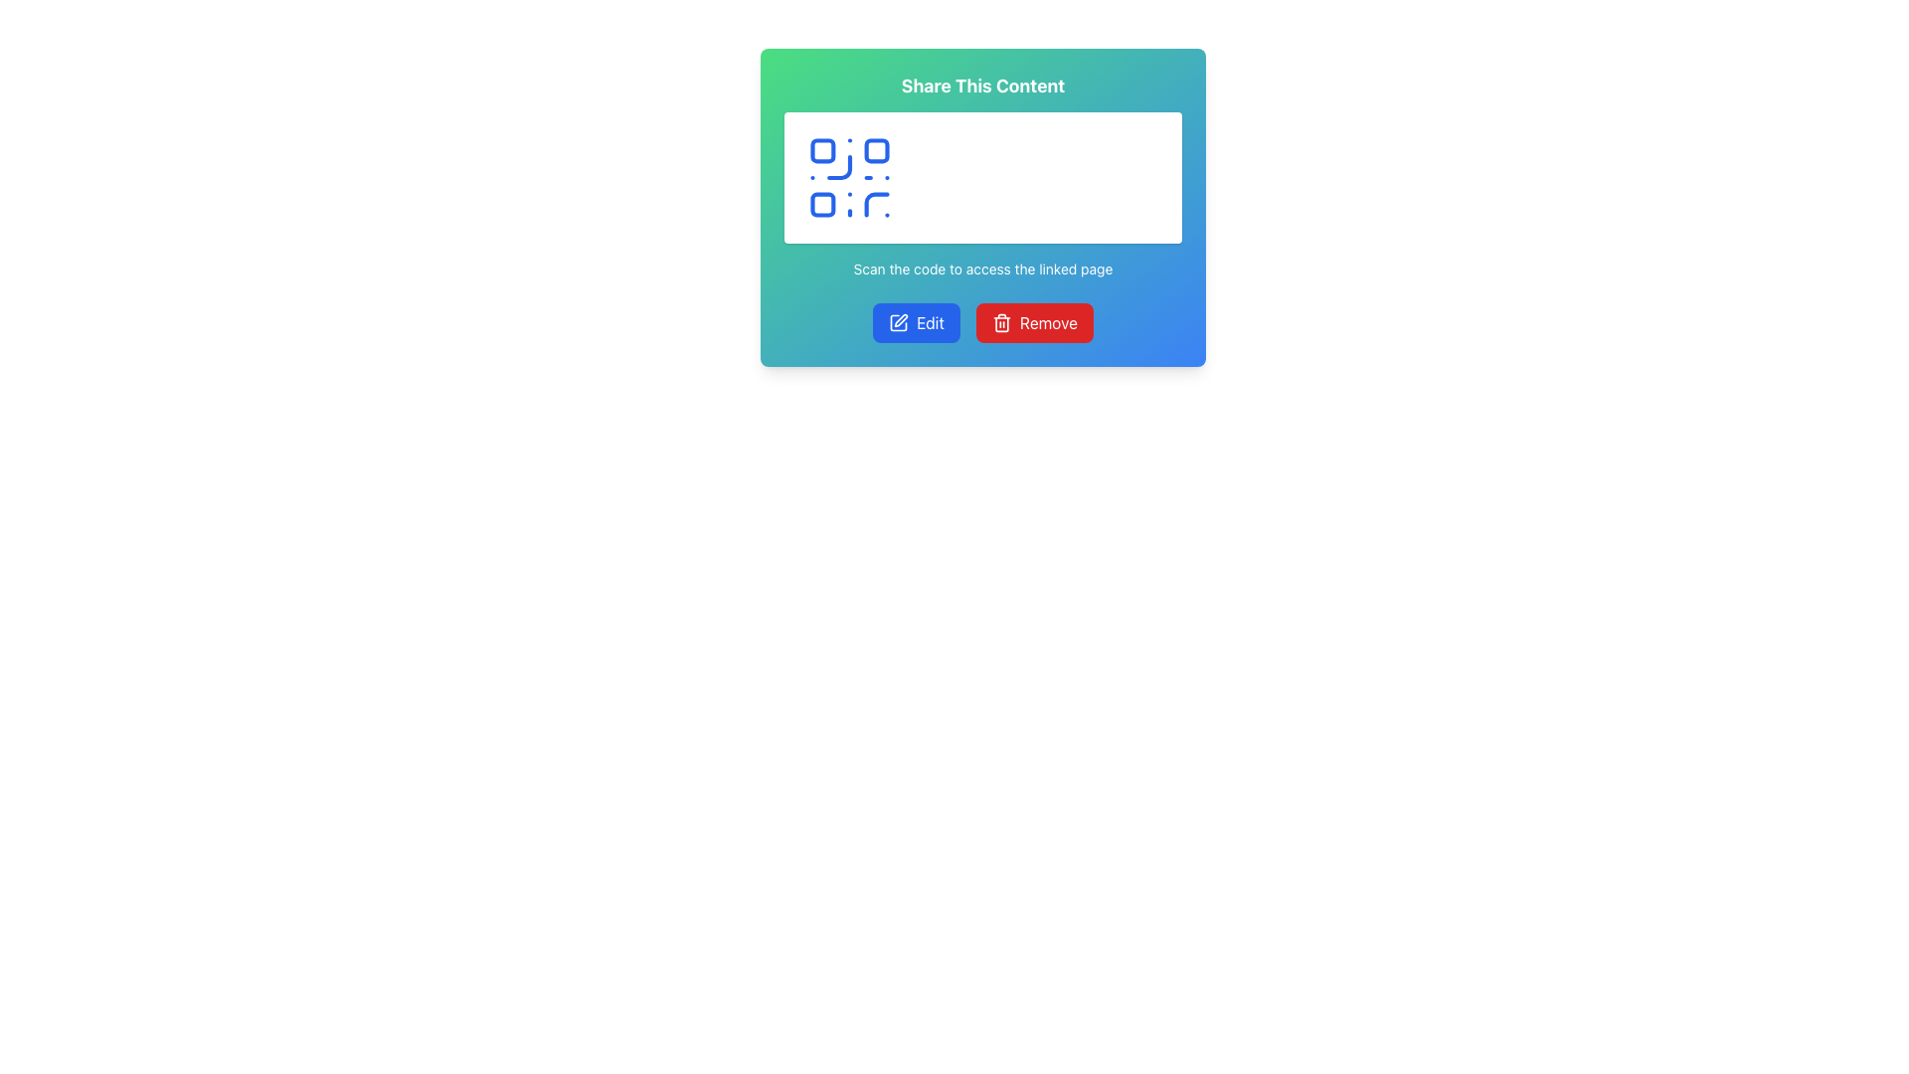 Image resolution: width=1909 pixels, height=1074 pixels. Describe the element at coordinates (1034, 321) in the screenshot. I see `the 'Remove' button with a trash bin icon located at the bottom-right of the card interface to observe the hover effects` at that location.